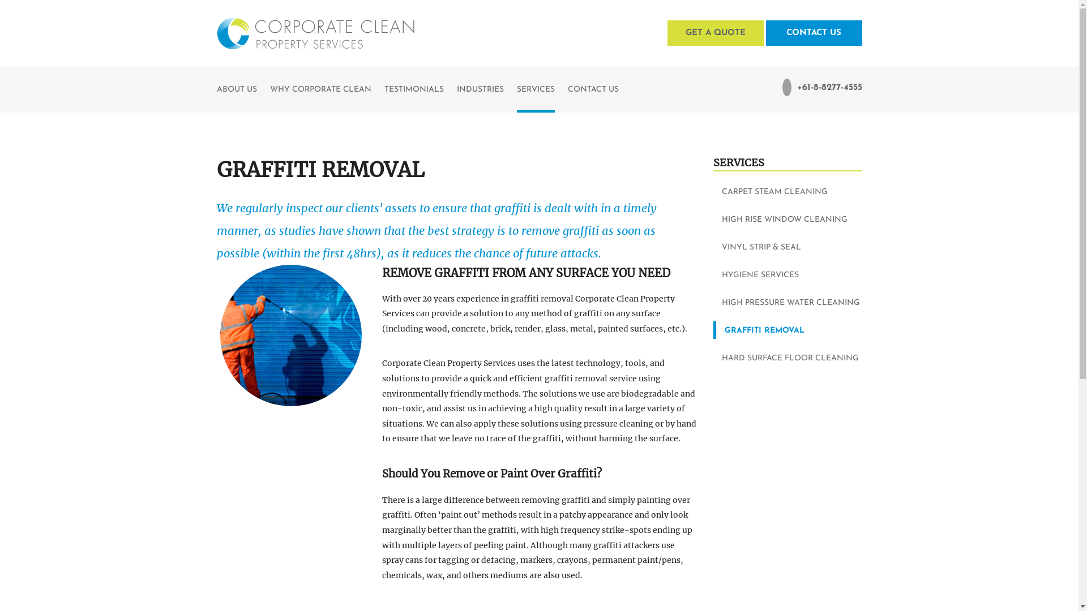 The width and height of the screenshot is (1087, 611). I want to click on 'VINYL STRIP & SEAL', so click(787, 246).